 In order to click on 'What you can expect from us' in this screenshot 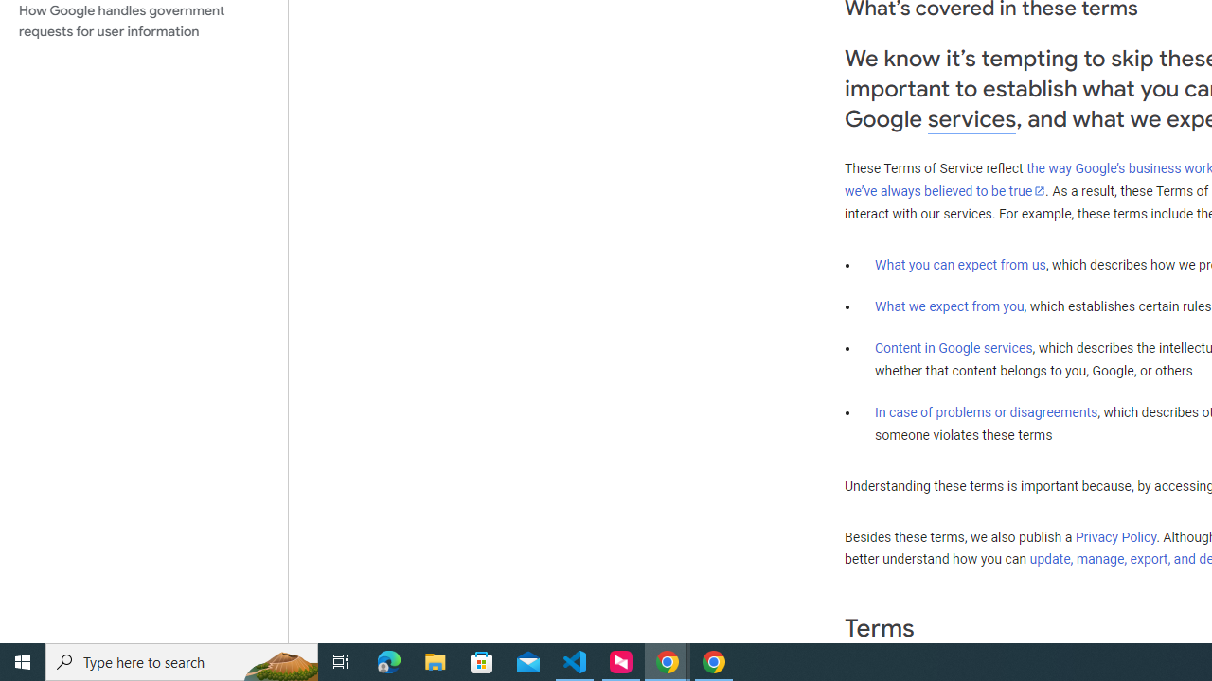, I will do `click(960, 264)`.